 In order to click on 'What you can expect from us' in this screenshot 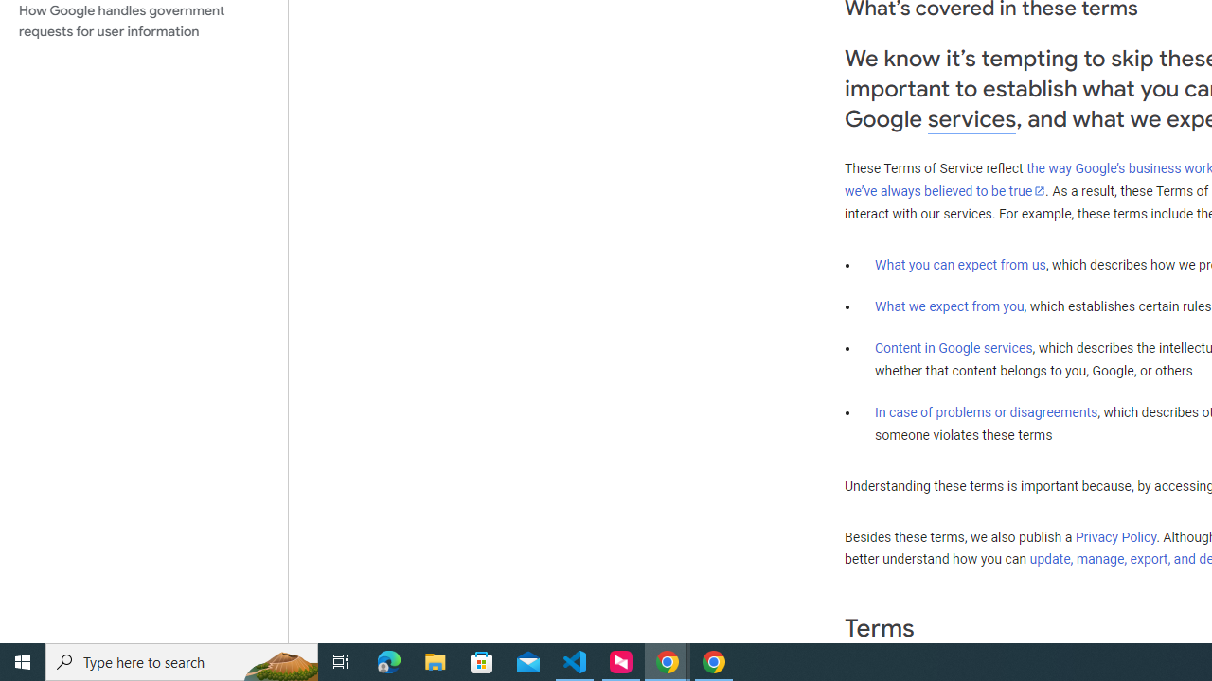, I will do `click(960, 264)`.